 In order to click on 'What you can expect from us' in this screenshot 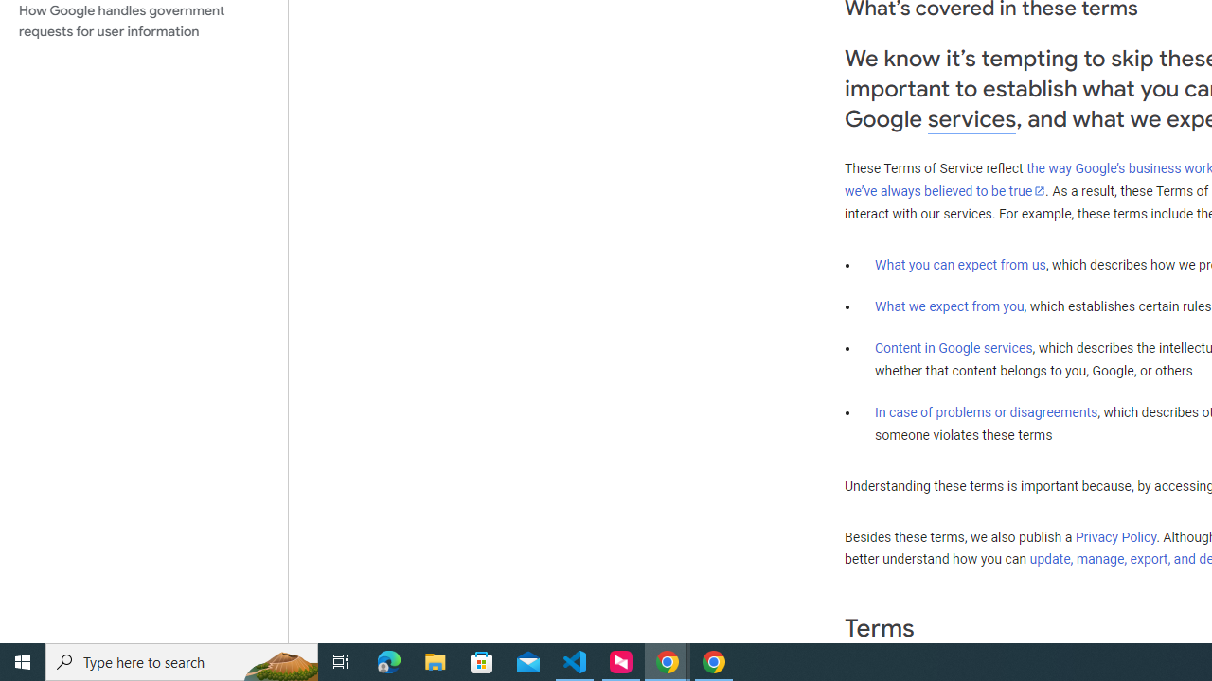, I will do `click(960, 264)`.